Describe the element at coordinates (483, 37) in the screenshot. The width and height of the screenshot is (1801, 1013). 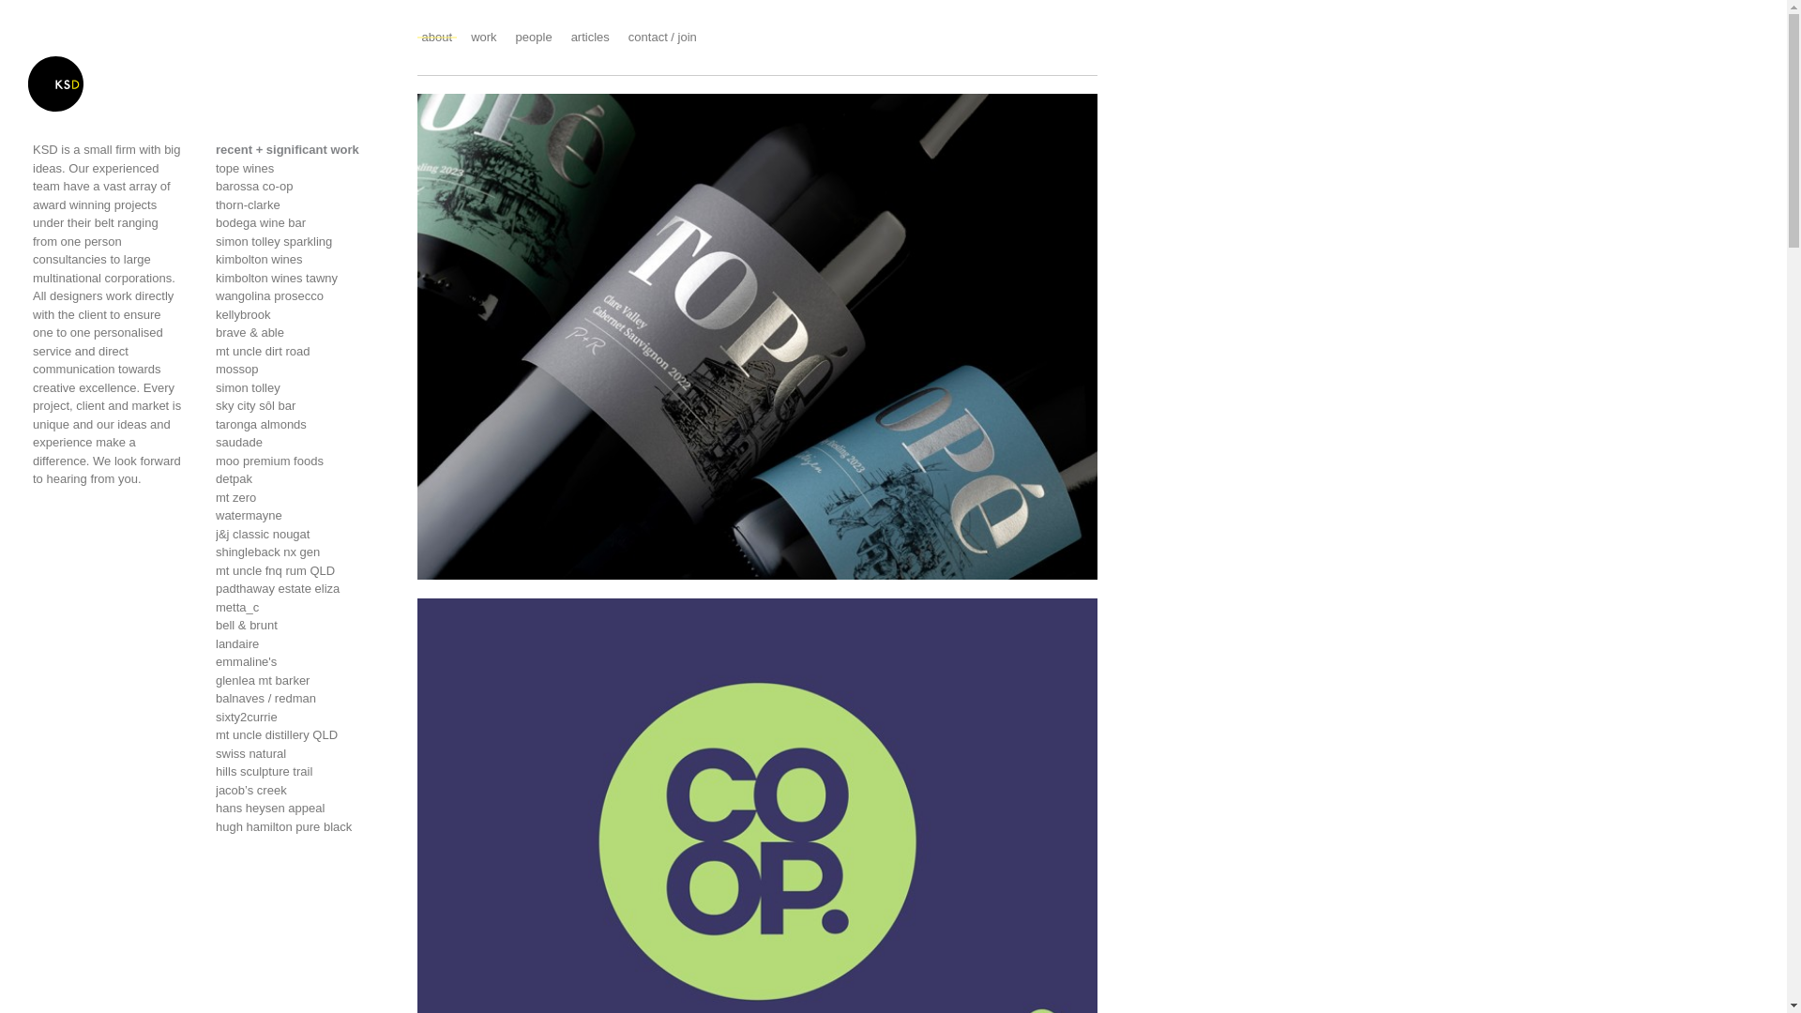
I see `'work'` at that location.